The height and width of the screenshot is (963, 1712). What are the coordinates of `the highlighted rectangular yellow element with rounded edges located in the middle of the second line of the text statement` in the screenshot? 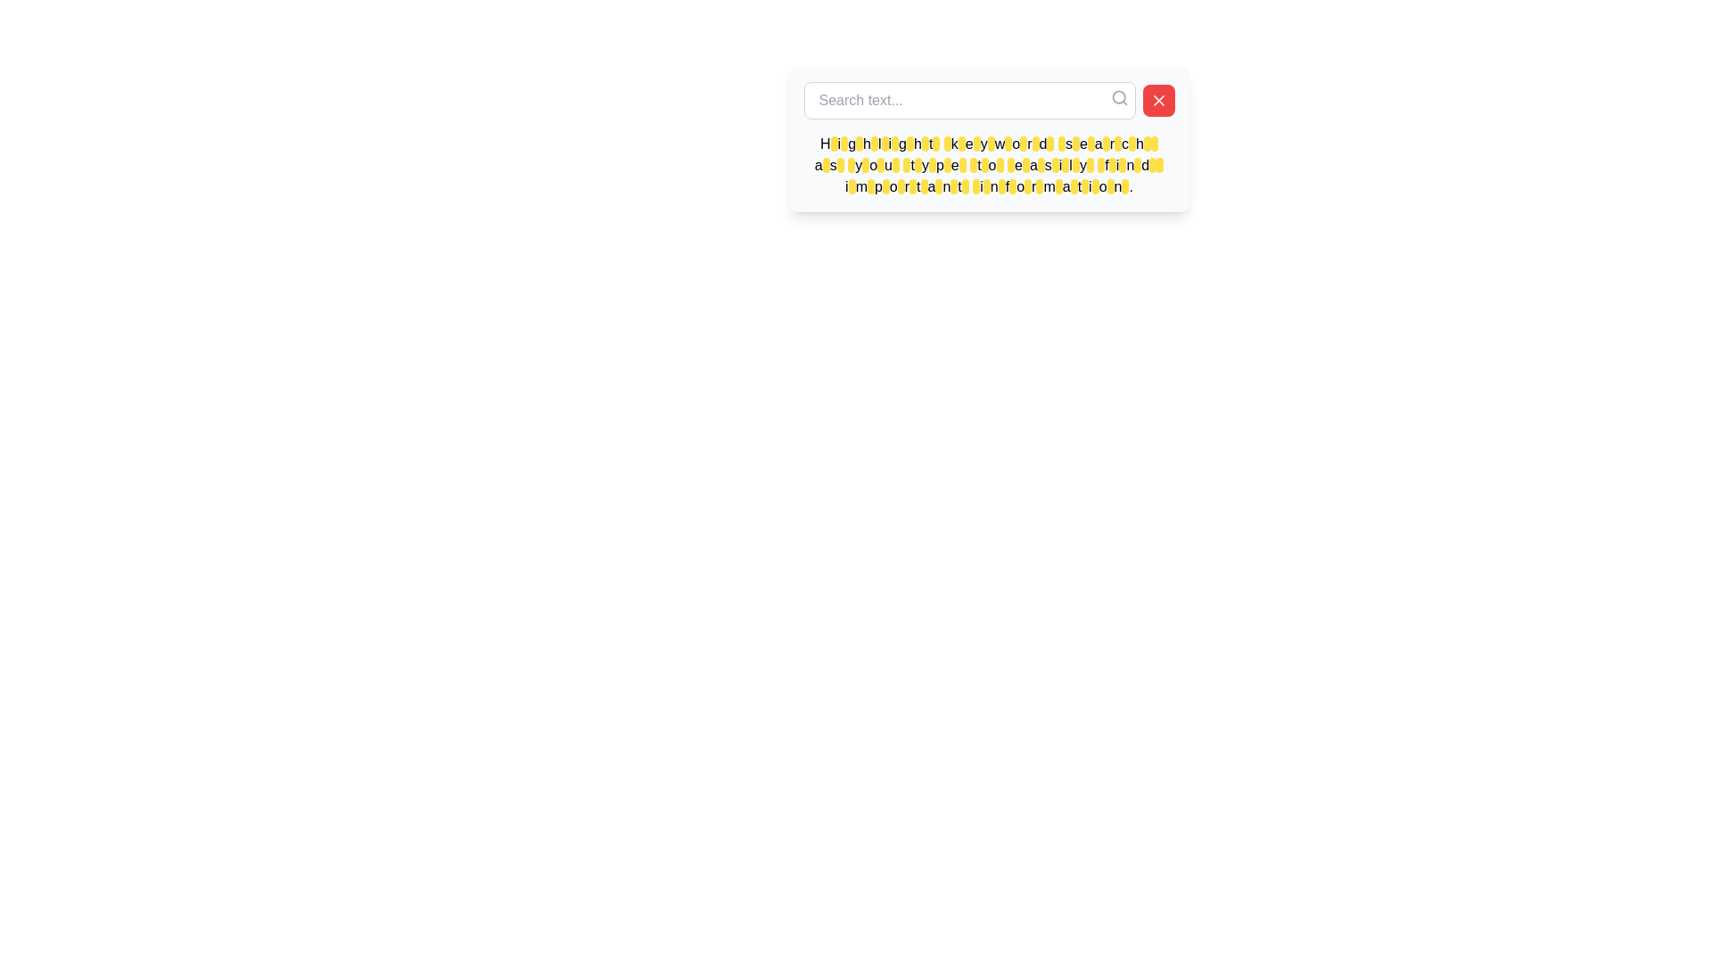 It's located at (1025, 165).